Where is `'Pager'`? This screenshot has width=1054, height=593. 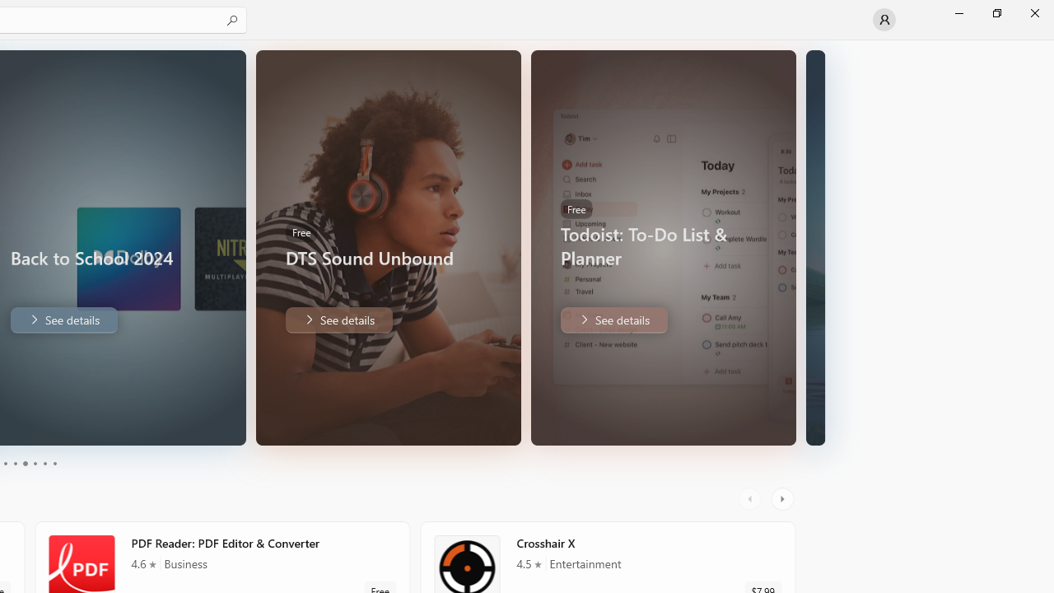 'Pager' is located at coordinates (29, 464).